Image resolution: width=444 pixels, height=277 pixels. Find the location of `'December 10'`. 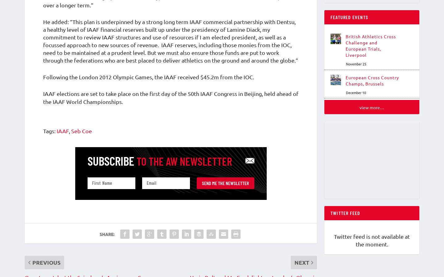

'December 10' is located at coordinates (356, 95).